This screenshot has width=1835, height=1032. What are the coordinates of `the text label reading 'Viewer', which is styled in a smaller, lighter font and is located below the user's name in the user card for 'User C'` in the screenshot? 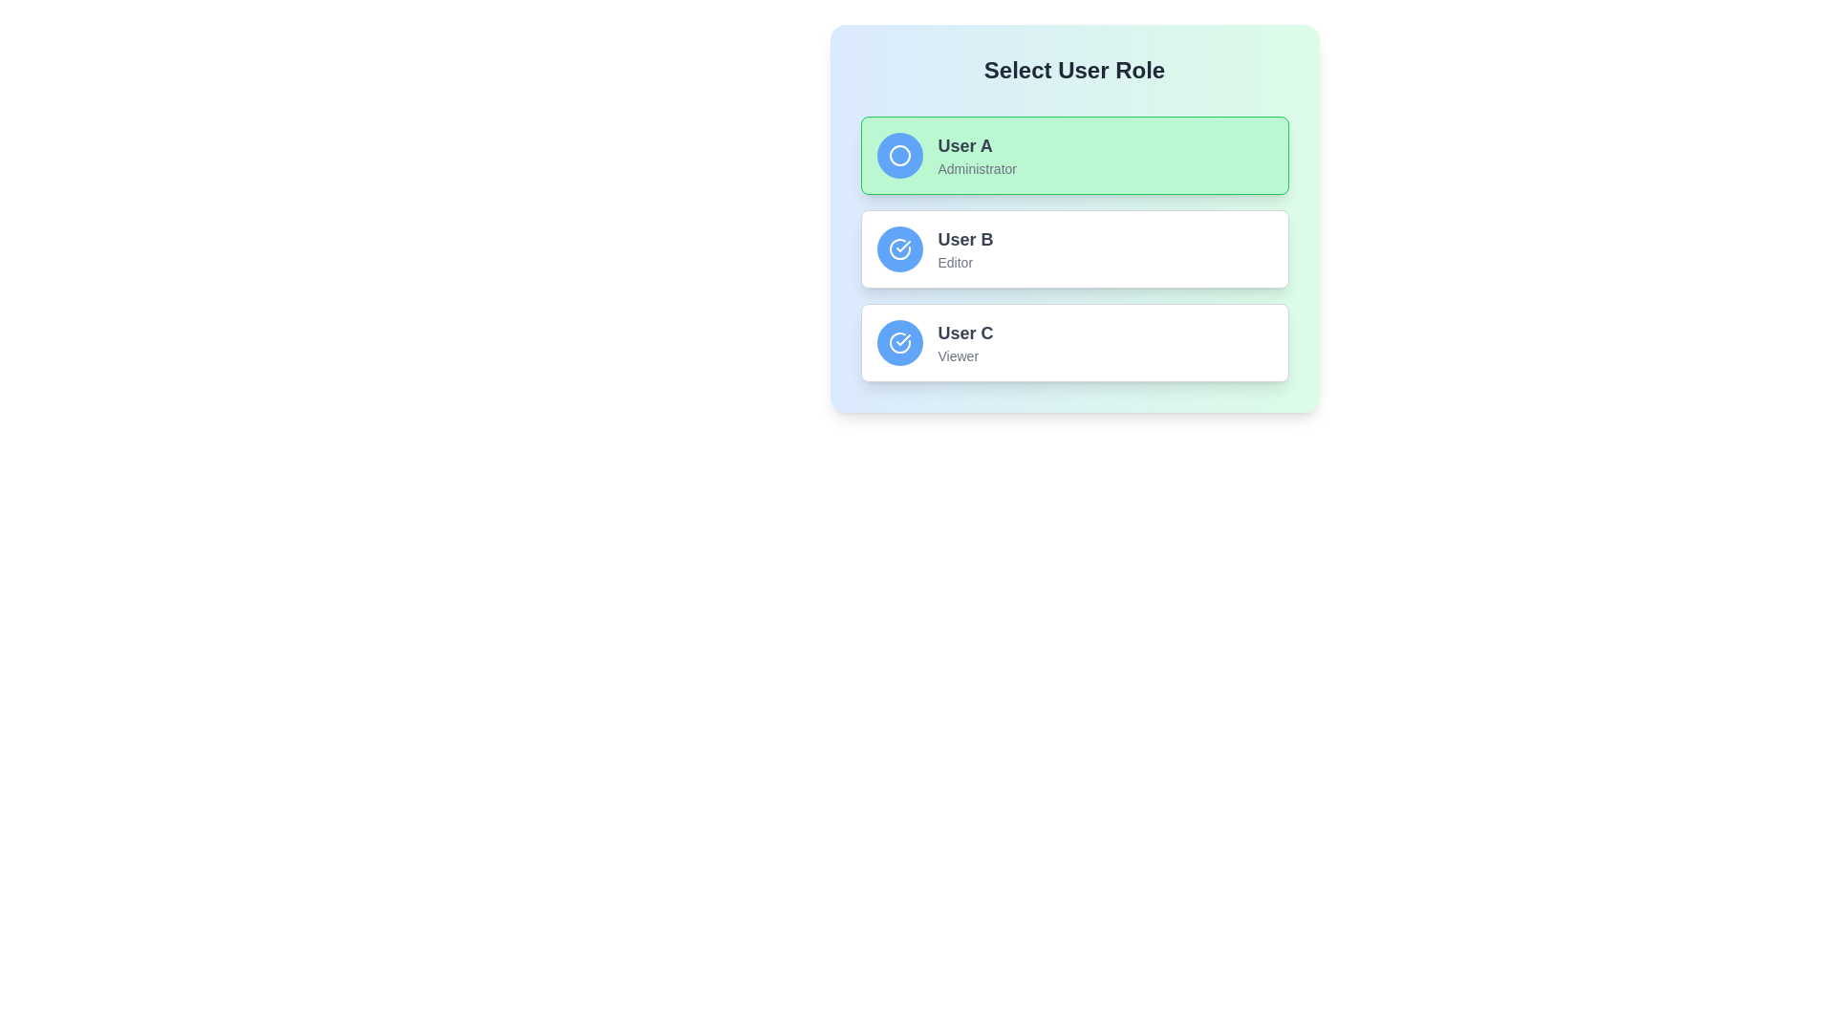 It's located at (965, 356).